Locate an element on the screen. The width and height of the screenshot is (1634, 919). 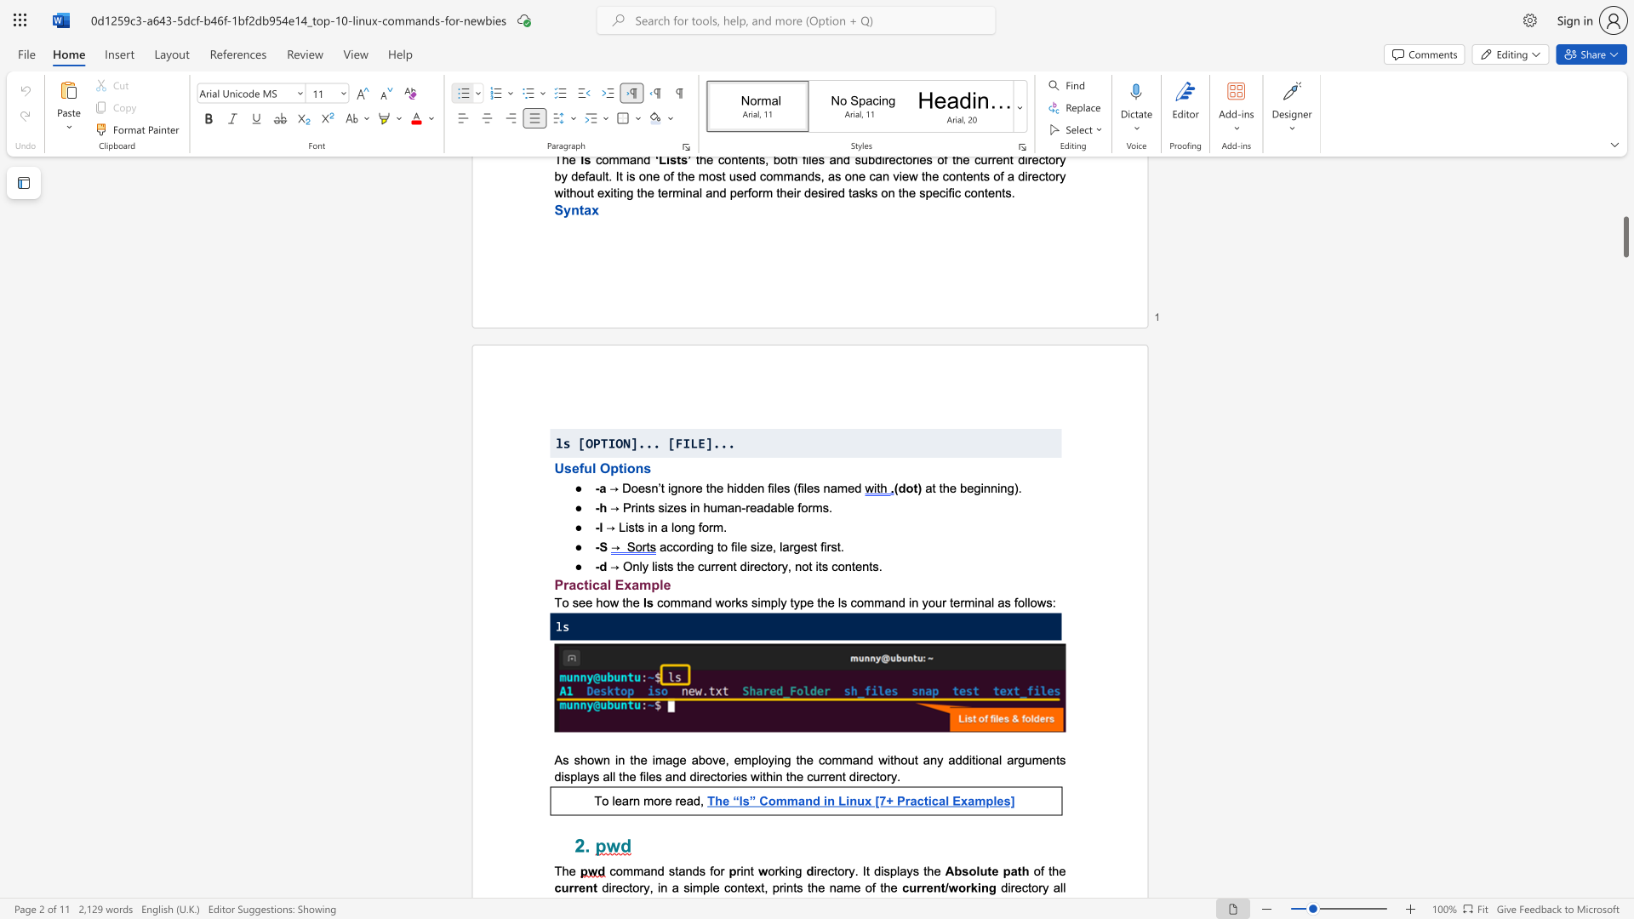
the 1th character "t" in the text is located at coordinates (586, 584).